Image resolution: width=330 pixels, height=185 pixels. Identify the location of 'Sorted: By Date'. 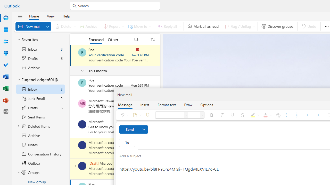
(153, 39).